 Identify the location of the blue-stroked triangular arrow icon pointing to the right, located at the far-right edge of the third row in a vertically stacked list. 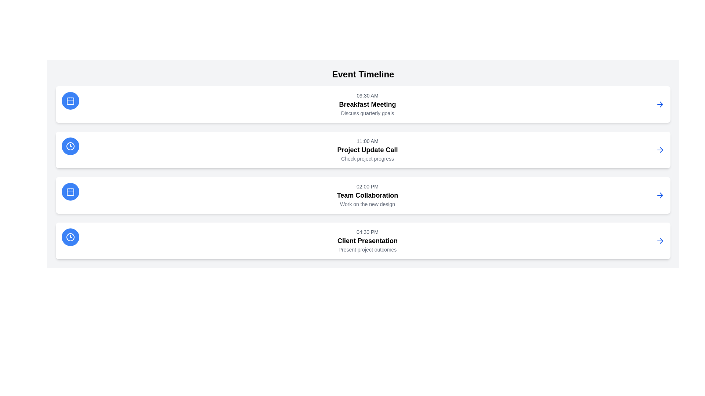
(661, 195).